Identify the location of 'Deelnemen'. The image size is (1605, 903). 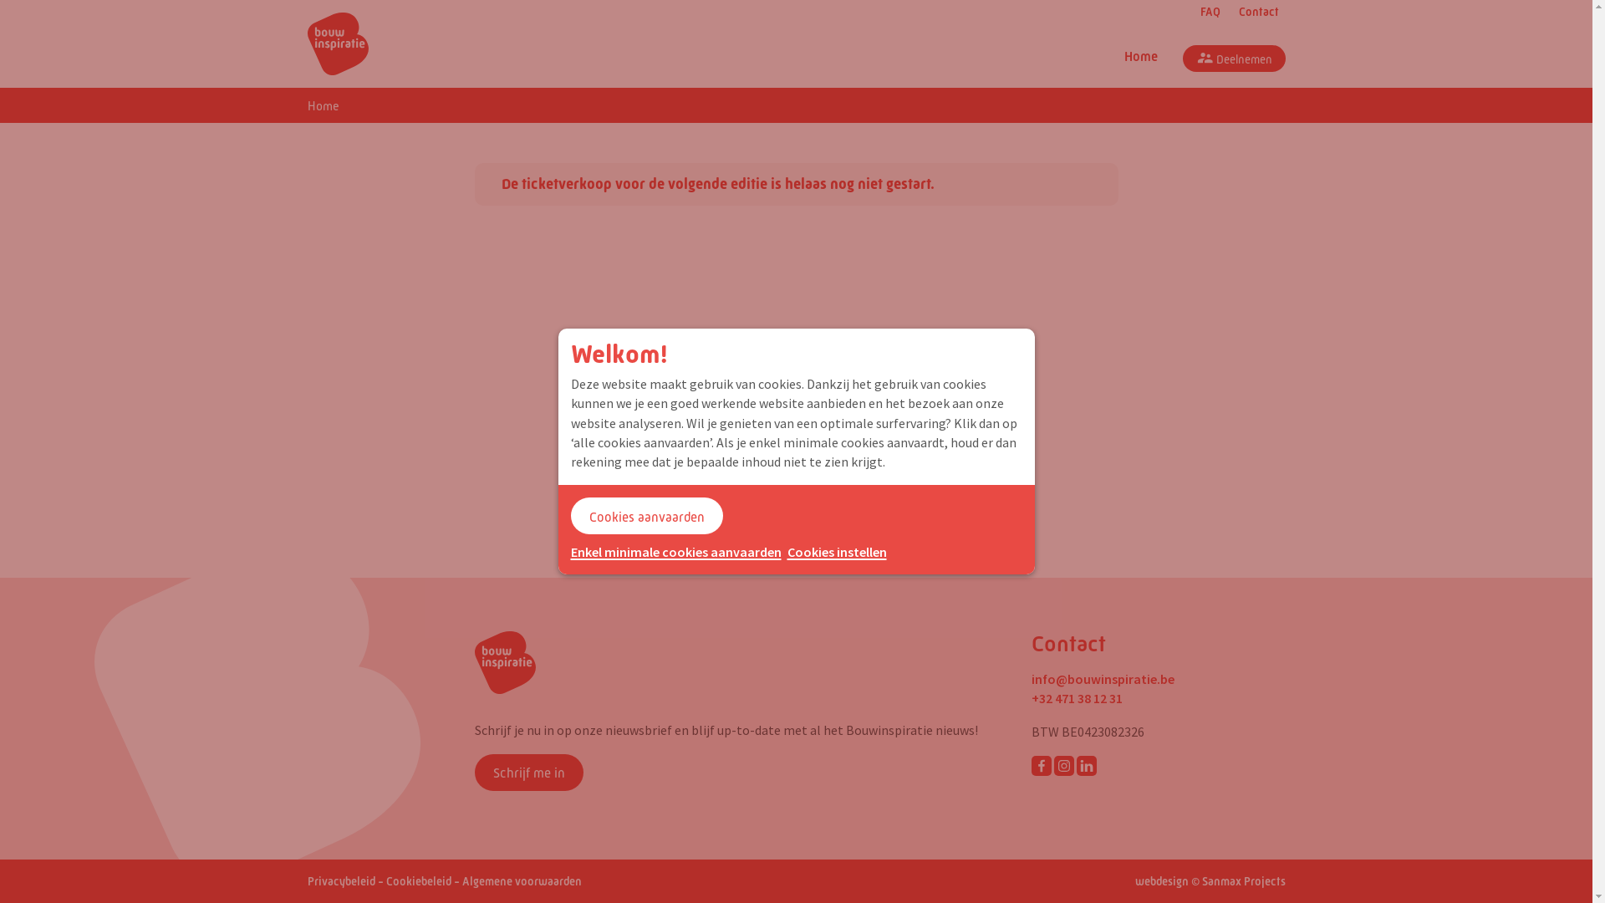
(1233, 57).